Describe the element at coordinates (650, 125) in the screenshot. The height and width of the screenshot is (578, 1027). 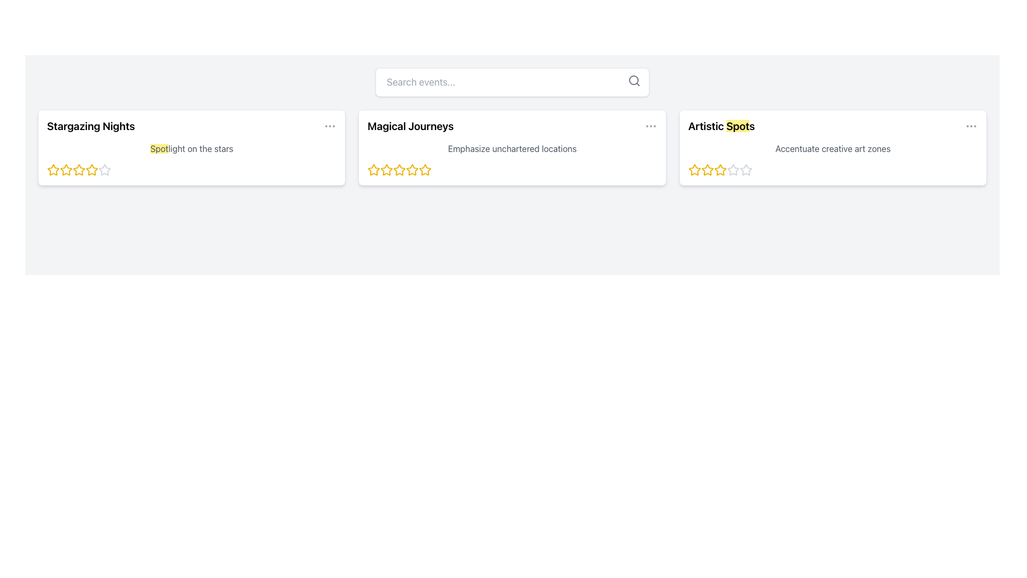
I see `the ellipsis menu icon located at the upper right corner of the 'Magical Journeys' card` at that location.